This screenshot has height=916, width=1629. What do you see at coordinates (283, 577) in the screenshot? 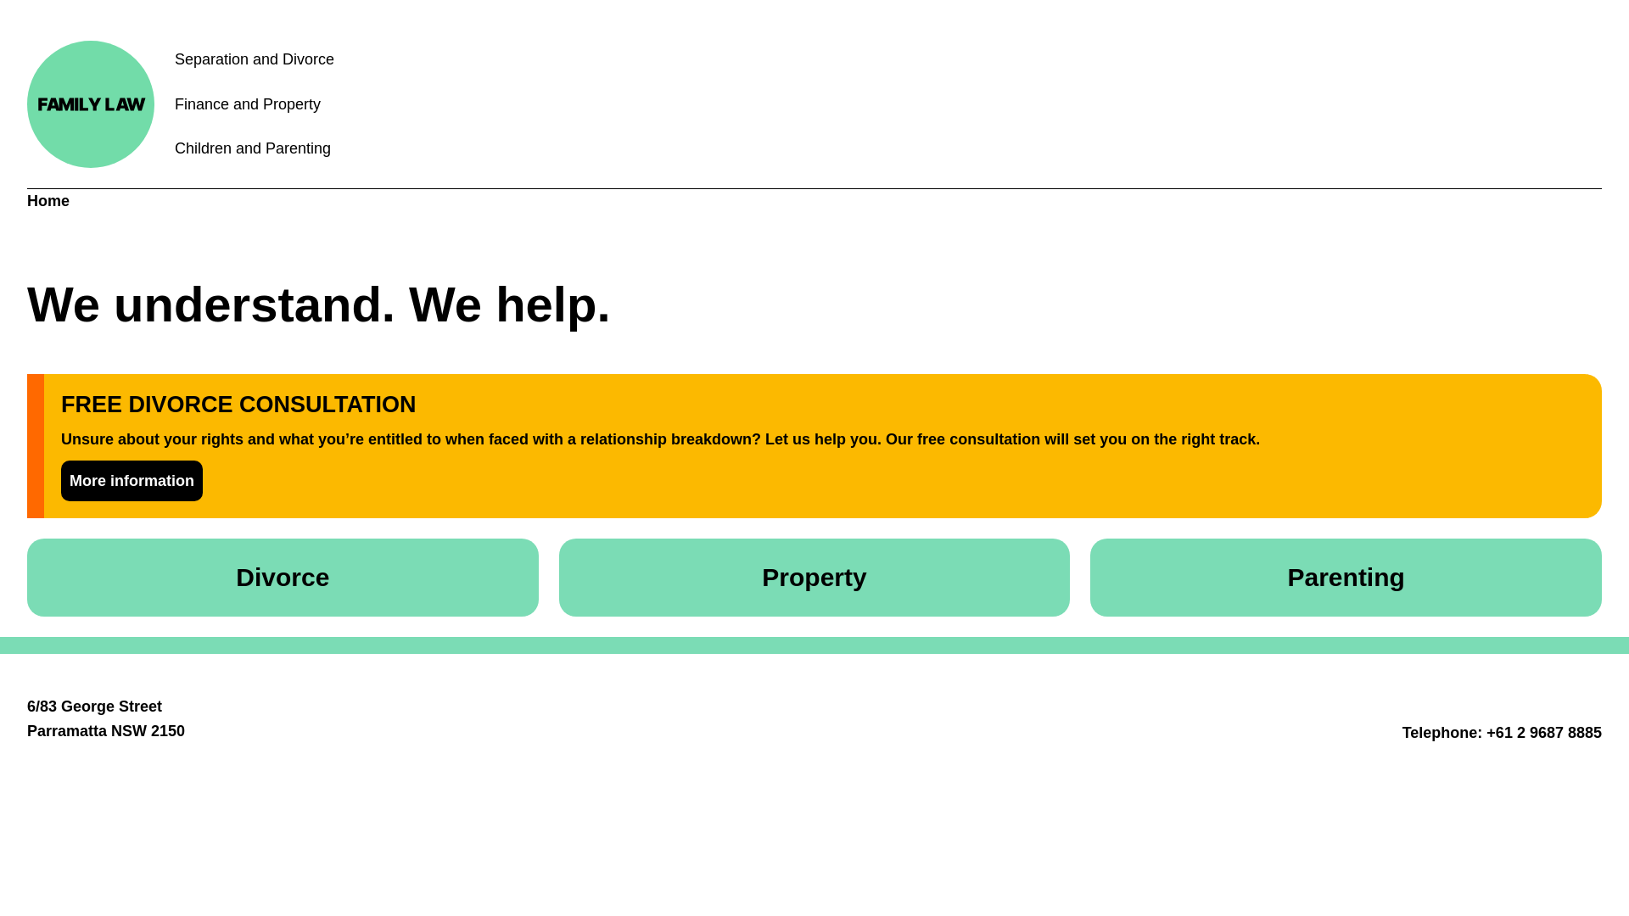
I see `'Divorce'` at bounding box center [283, 577].